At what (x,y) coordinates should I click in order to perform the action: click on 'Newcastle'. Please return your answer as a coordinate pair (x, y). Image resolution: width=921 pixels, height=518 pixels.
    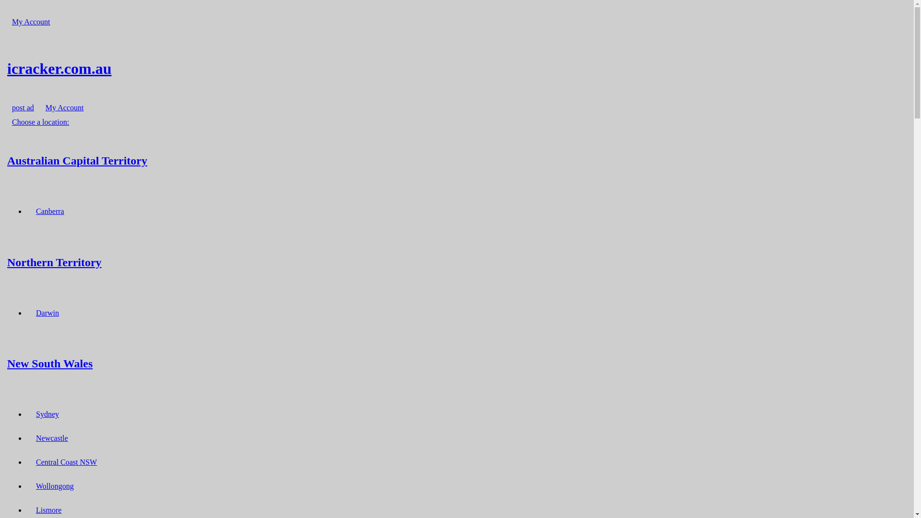
    Looking at the image, I should click on (51, 438).